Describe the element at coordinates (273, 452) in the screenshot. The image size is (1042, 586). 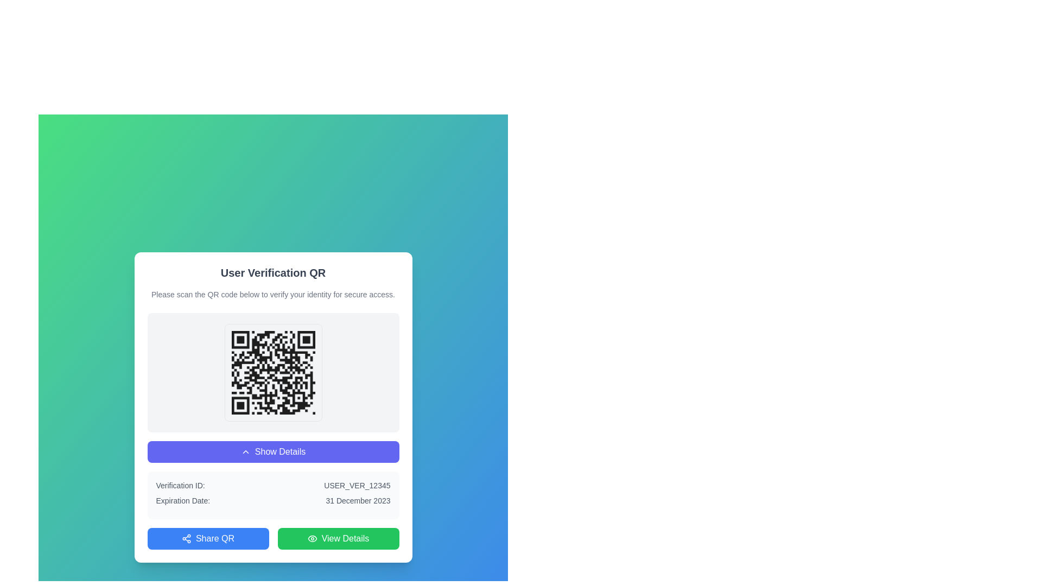
I see `the sixth button that toggles additional details related to the QR code, located below the QR code area` at that location.